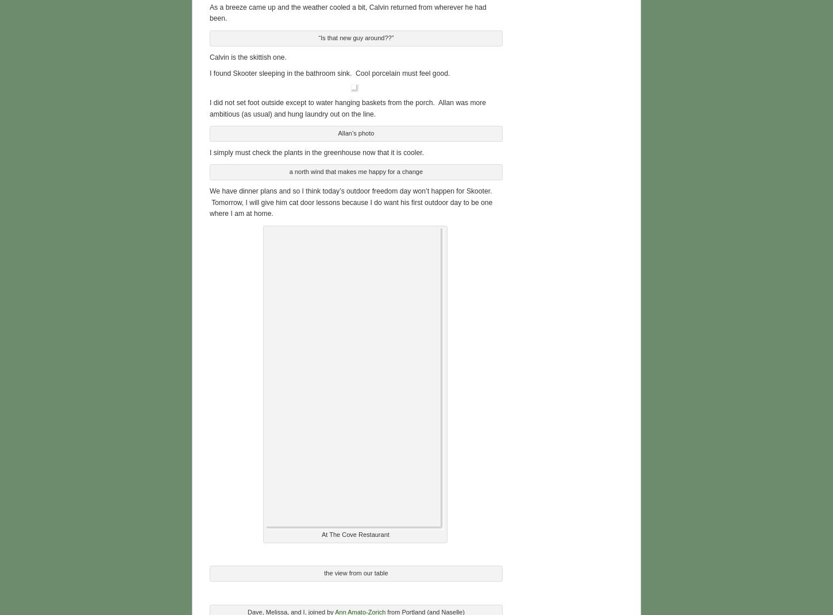  Describe the element at coordinates (247, 56) in the screenshot. I see `'Calvin is the skittish one.'` at that location.